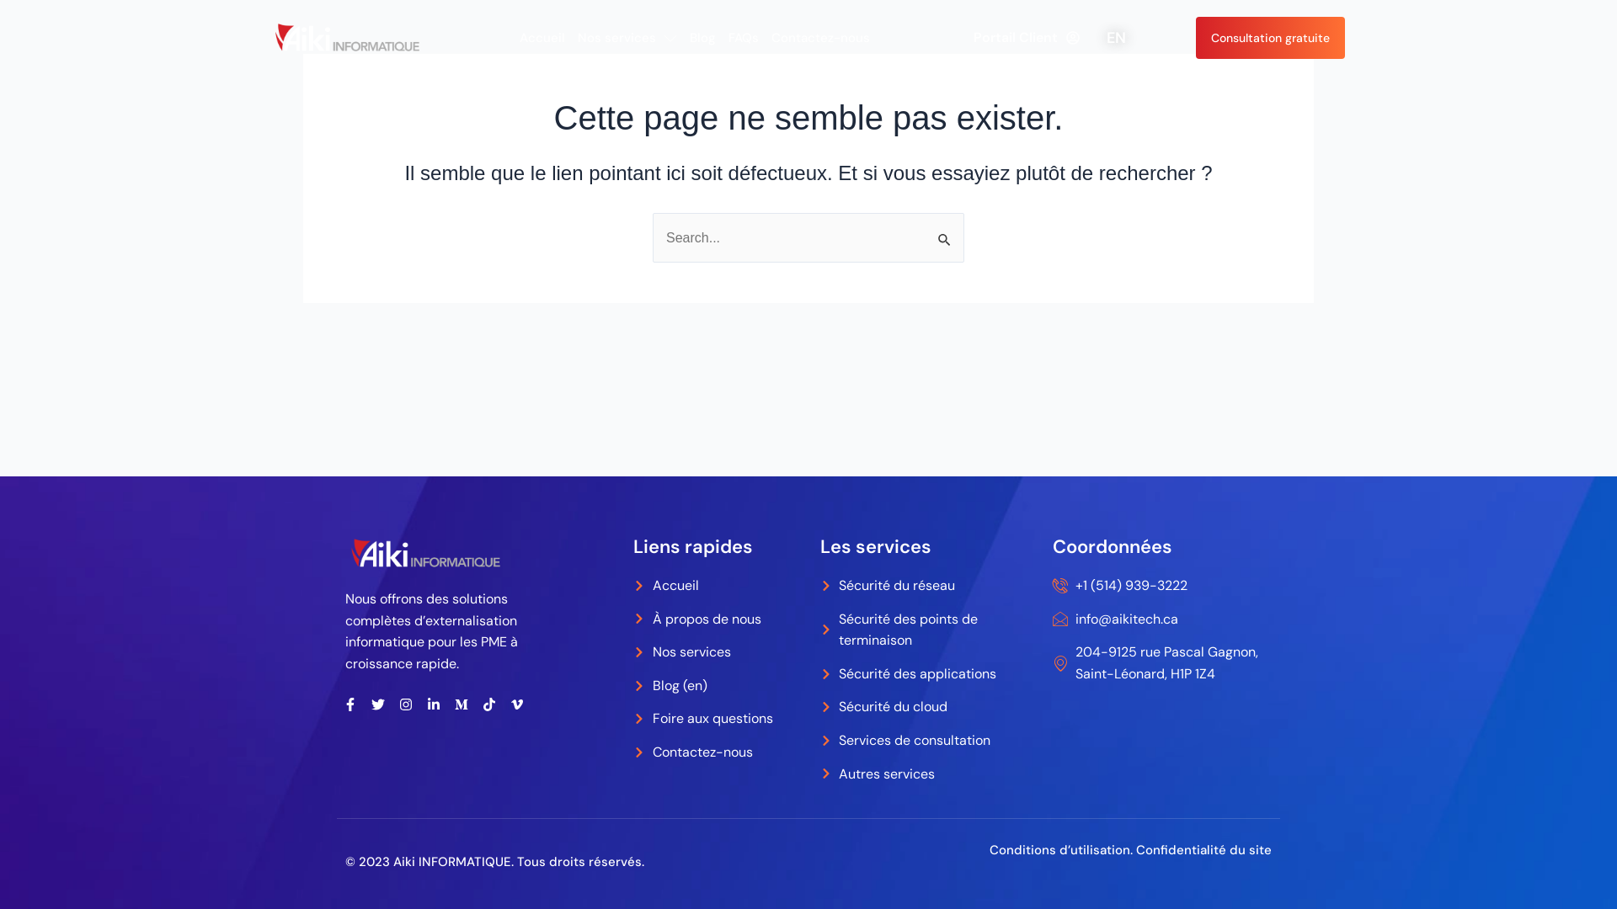 This screenshot has height=909, width=1617. I want to click on 'info@aikitech.ca', so click(1161, 619).